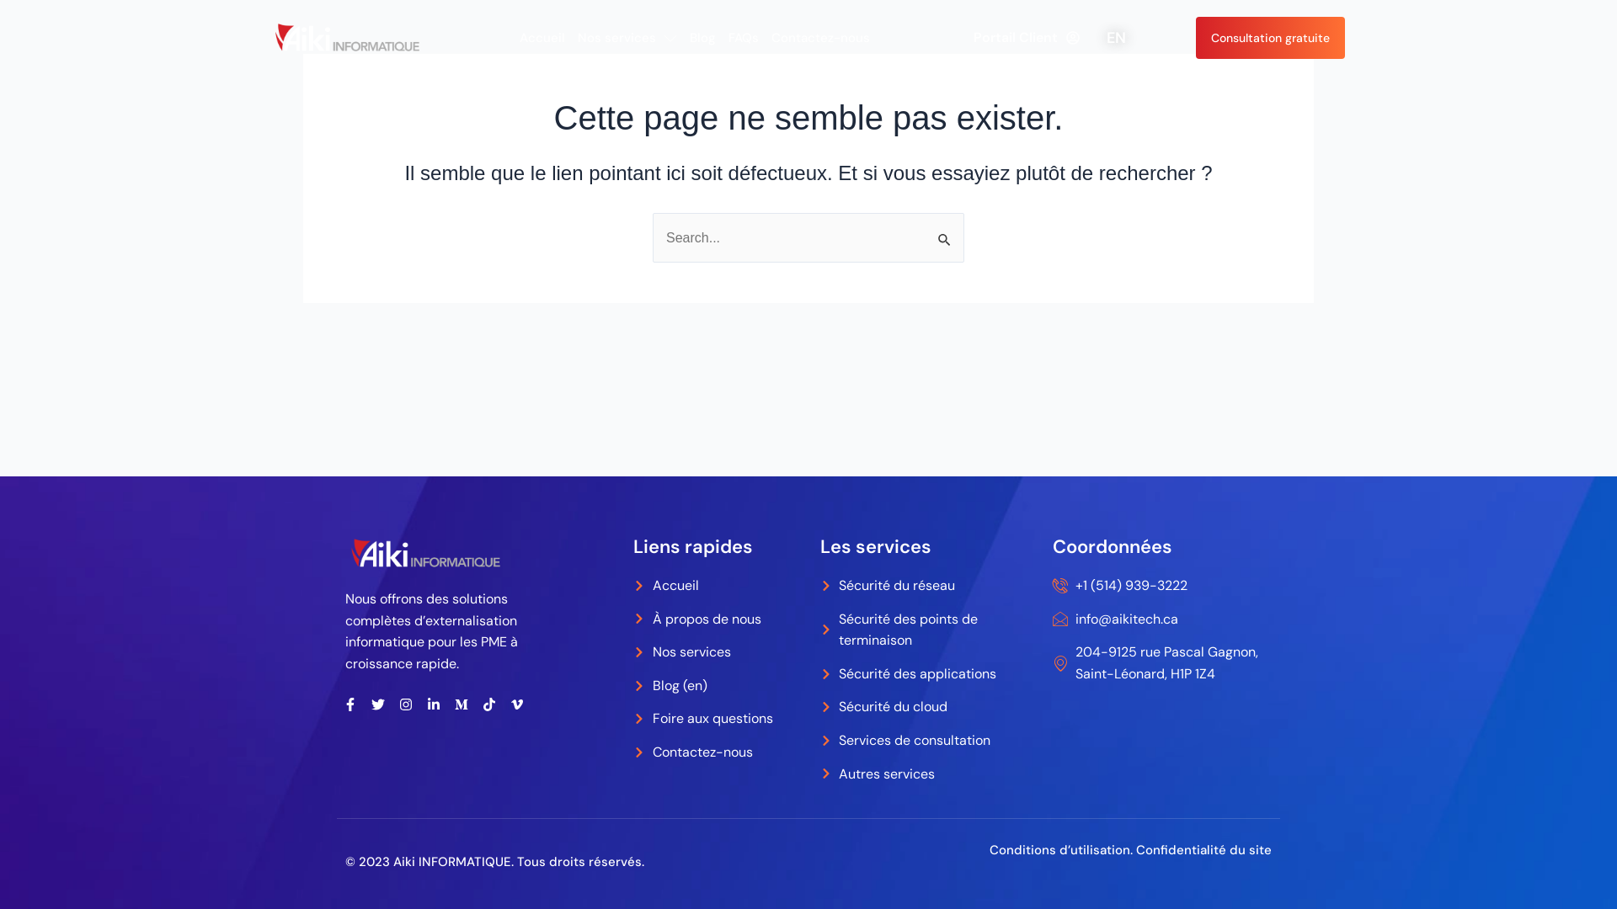 This screenshot has height=909, width=1617. I want to click on 'info@aikitech.ca', so click(1161, 619).